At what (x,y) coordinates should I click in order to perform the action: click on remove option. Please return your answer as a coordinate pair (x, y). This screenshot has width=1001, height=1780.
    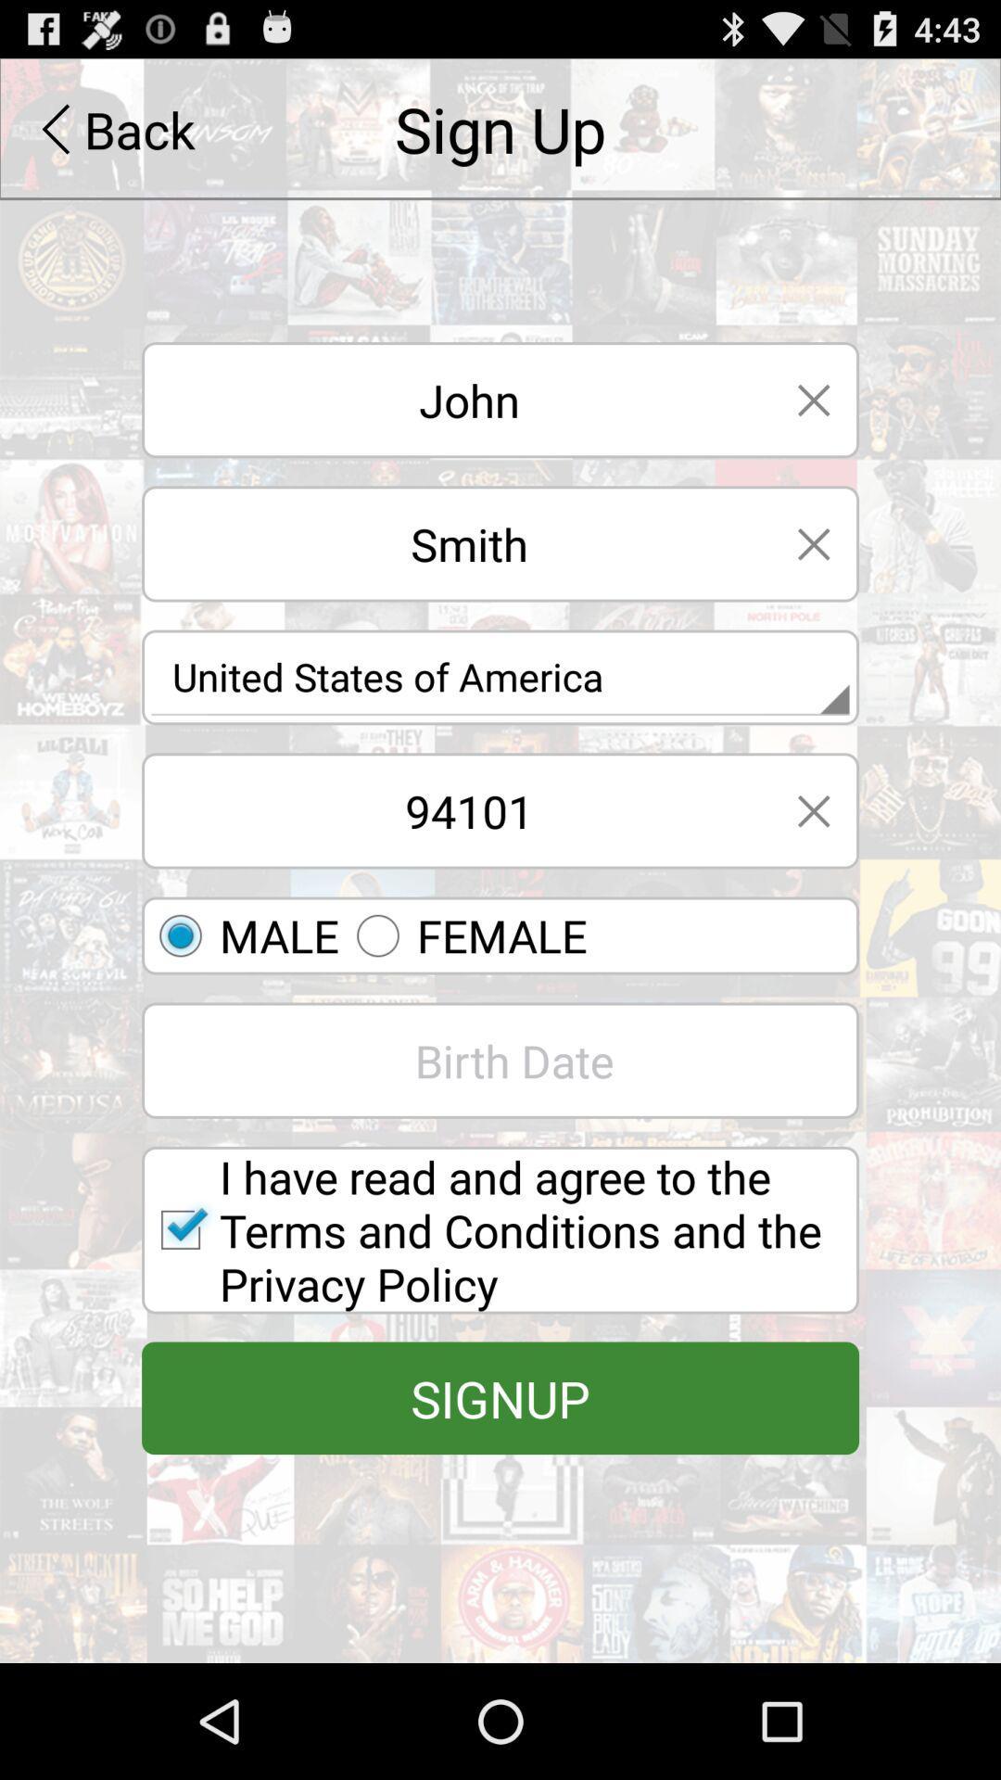
    Looking at the image, I should click on (813, 399).